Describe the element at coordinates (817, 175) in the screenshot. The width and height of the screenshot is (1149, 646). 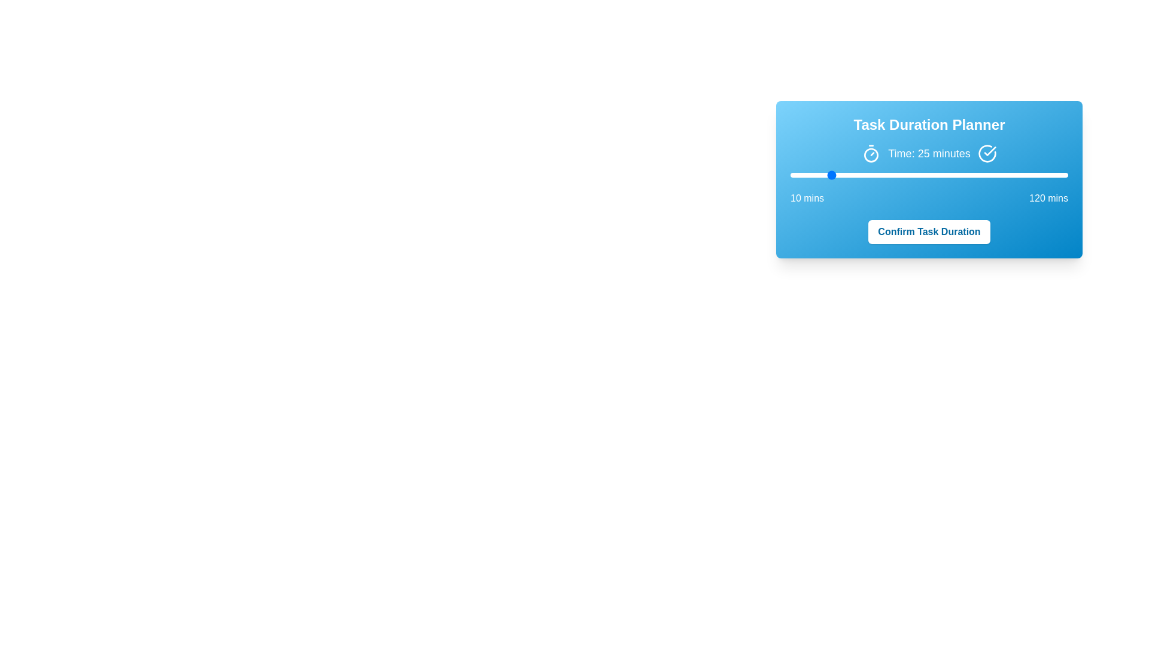
I see `the slider to a specific value 21 within the range of 10 to 120 minutes` at that location.